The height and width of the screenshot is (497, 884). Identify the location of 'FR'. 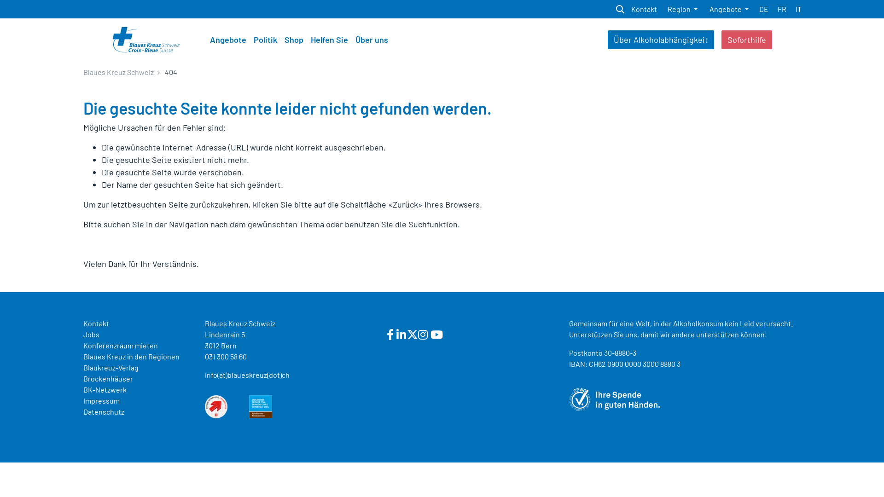
(781, 9).